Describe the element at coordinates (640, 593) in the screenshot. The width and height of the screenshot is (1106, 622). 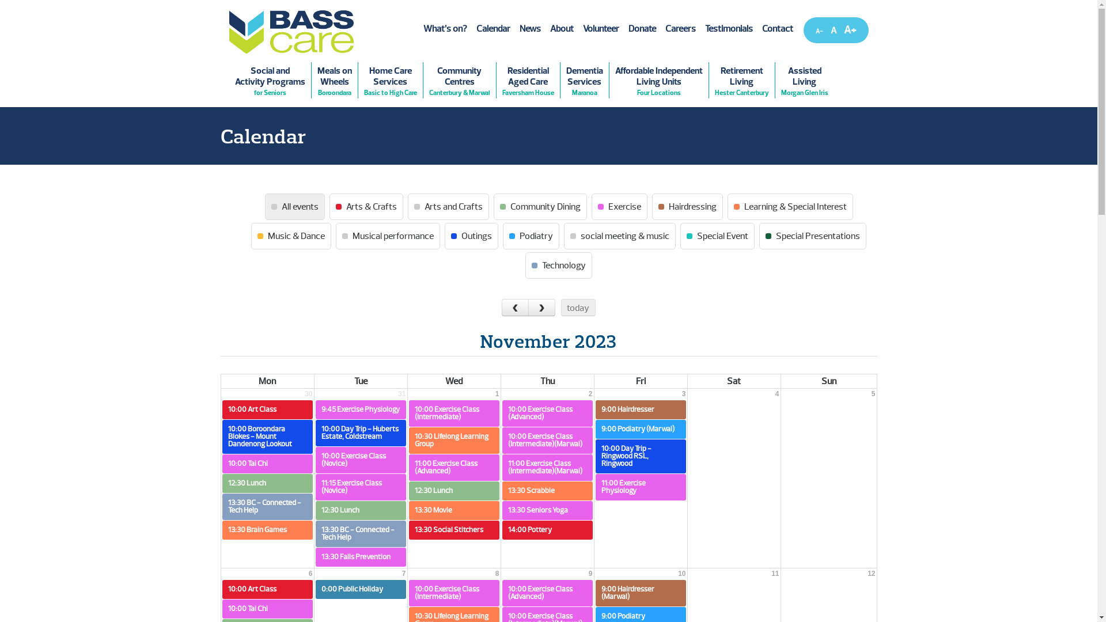
I see `'9:00 Hairdresser (Marwal)` at that location.